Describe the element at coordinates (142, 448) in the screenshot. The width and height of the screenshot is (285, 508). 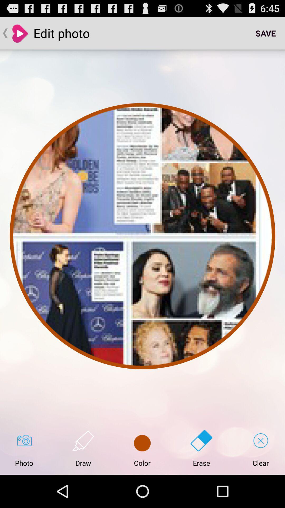
I see `button next to the draw button` at that location.